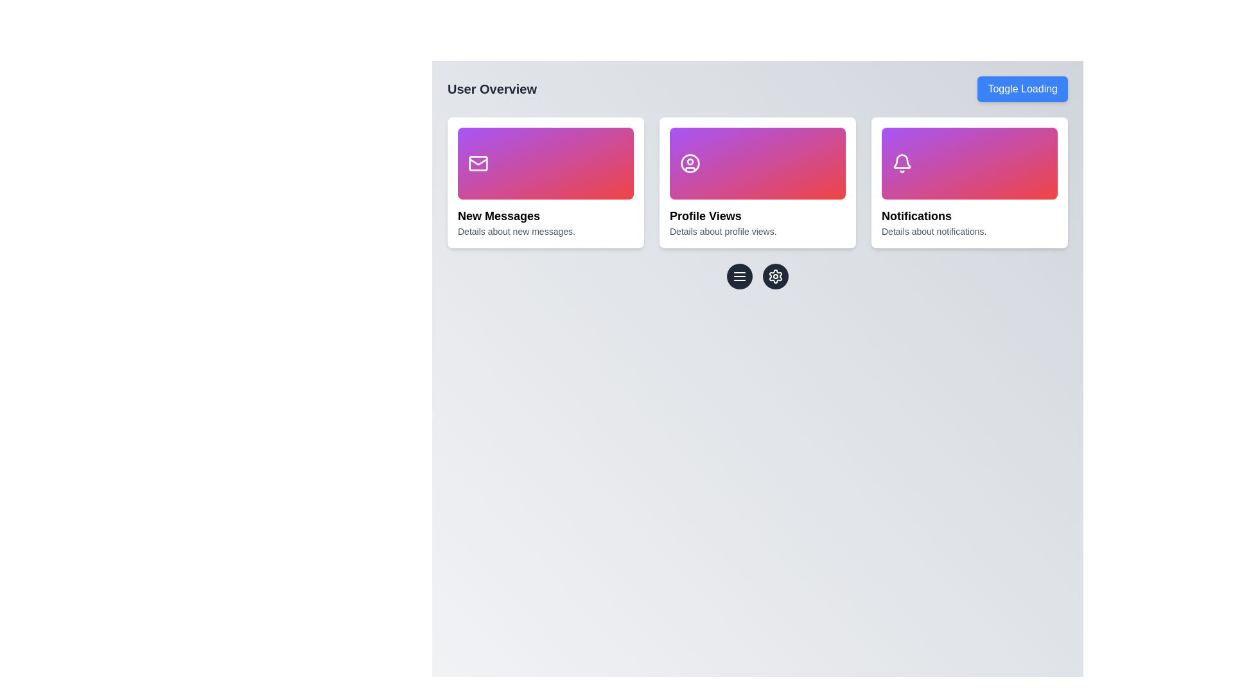  Describe the element at coordinates (775, 276) in the screenshot. I see `the circular settings button with a white gear icon at its center, located at the bottom center of the interface` at that location.